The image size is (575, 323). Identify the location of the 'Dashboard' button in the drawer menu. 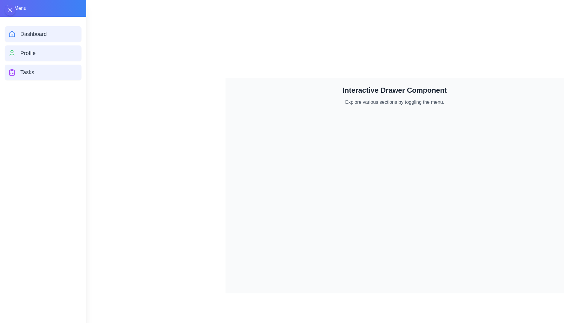
(43, 34).